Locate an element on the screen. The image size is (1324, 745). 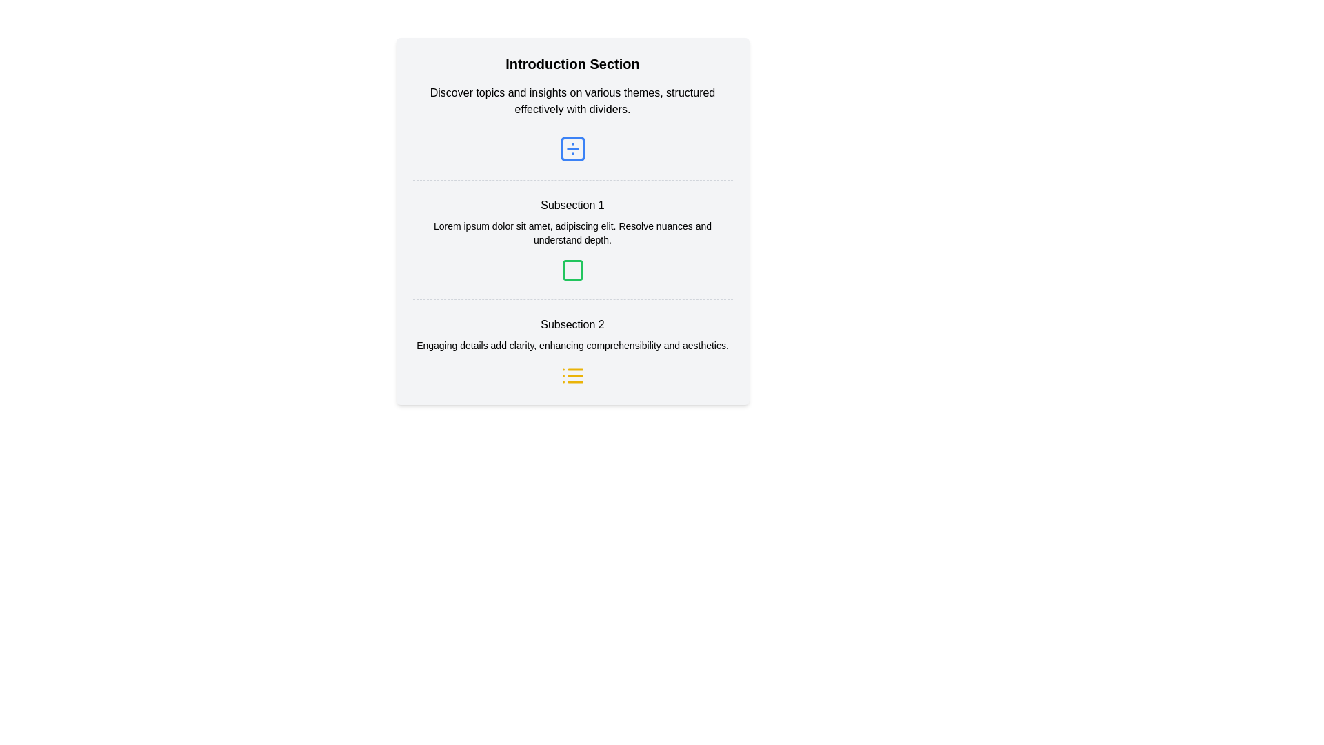
the text block that says 'Lorem ipsum dolor sit amet, adipiscing elit. Resolve nuances and understand depth.' located in 'Subsection 1' is located at coordinates (572, 232).